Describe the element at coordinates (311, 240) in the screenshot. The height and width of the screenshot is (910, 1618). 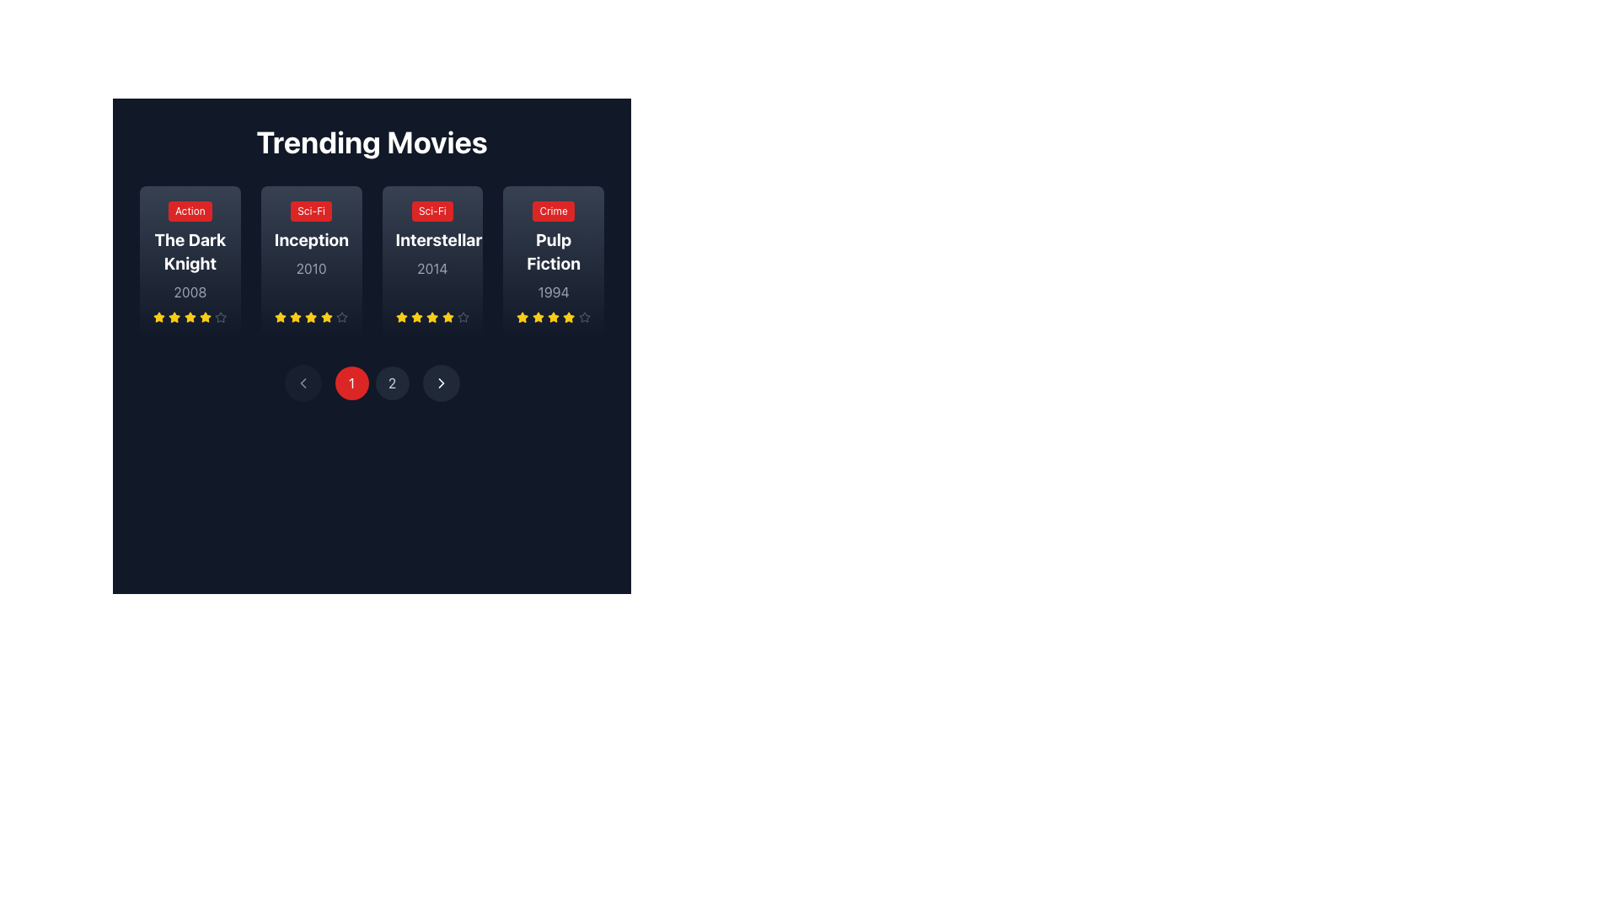
I see `the text label displaying 'Inception', which is styled with a large, bold font in white and positioned below the 'Sci-Fi' badge in the second card from the left` at that location.